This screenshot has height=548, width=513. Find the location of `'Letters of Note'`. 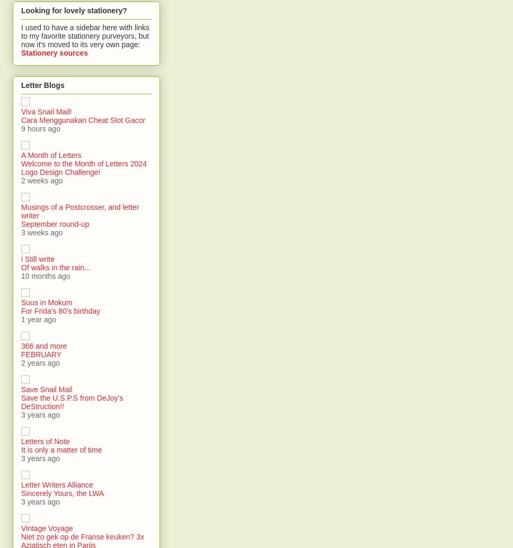

'Letters of Note' is located at coordinates (45, 440).